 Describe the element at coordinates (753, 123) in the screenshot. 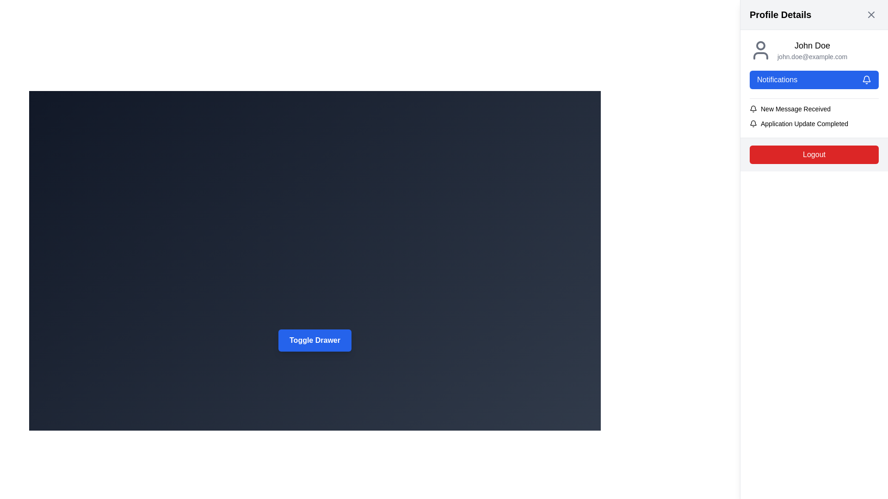

I see `the notification icon located on the right panel under the 'Notifications' section, preceding the text 'Application Update Completed'` at that location.